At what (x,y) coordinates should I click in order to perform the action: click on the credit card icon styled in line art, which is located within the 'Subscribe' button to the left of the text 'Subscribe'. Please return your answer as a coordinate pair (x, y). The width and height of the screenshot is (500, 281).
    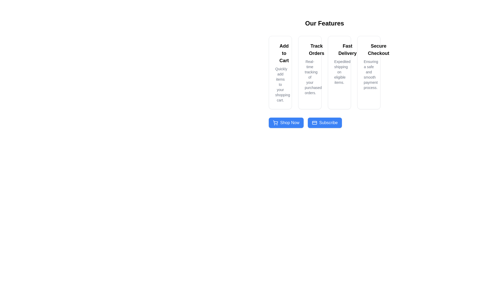
    Looking at the image, I should click on (314, 123).